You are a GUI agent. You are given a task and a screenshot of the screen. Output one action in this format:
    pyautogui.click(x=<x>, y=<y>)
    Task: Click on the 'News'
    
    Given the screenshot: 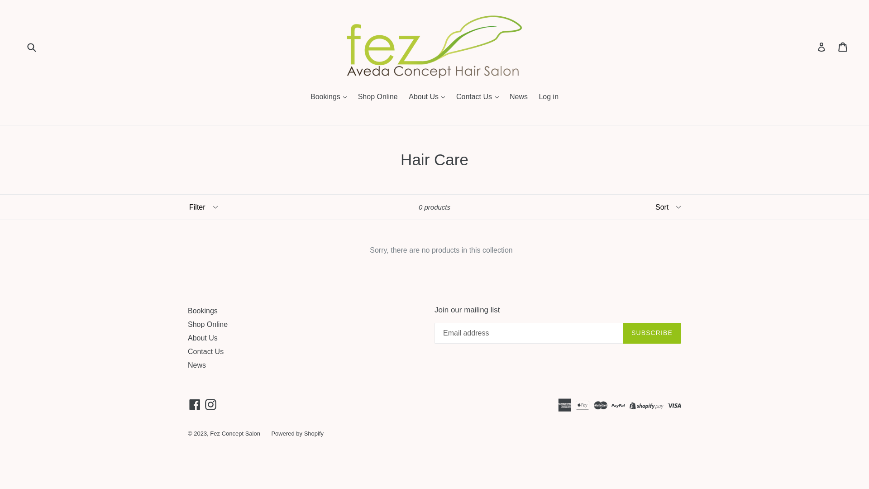 What is the action you would take?
    pyautogui.click(x=196, y=364)
    